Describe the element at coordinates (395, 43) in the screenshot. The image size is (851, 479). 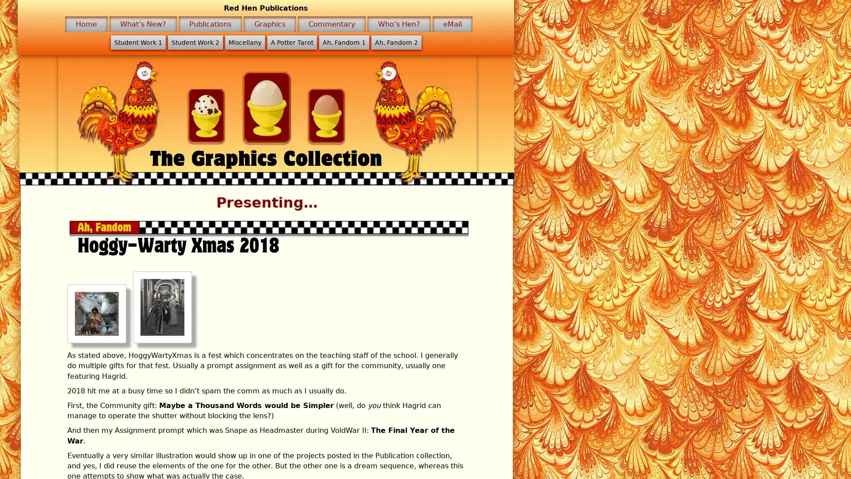
I see `Ah, Fandom 2` at that location.